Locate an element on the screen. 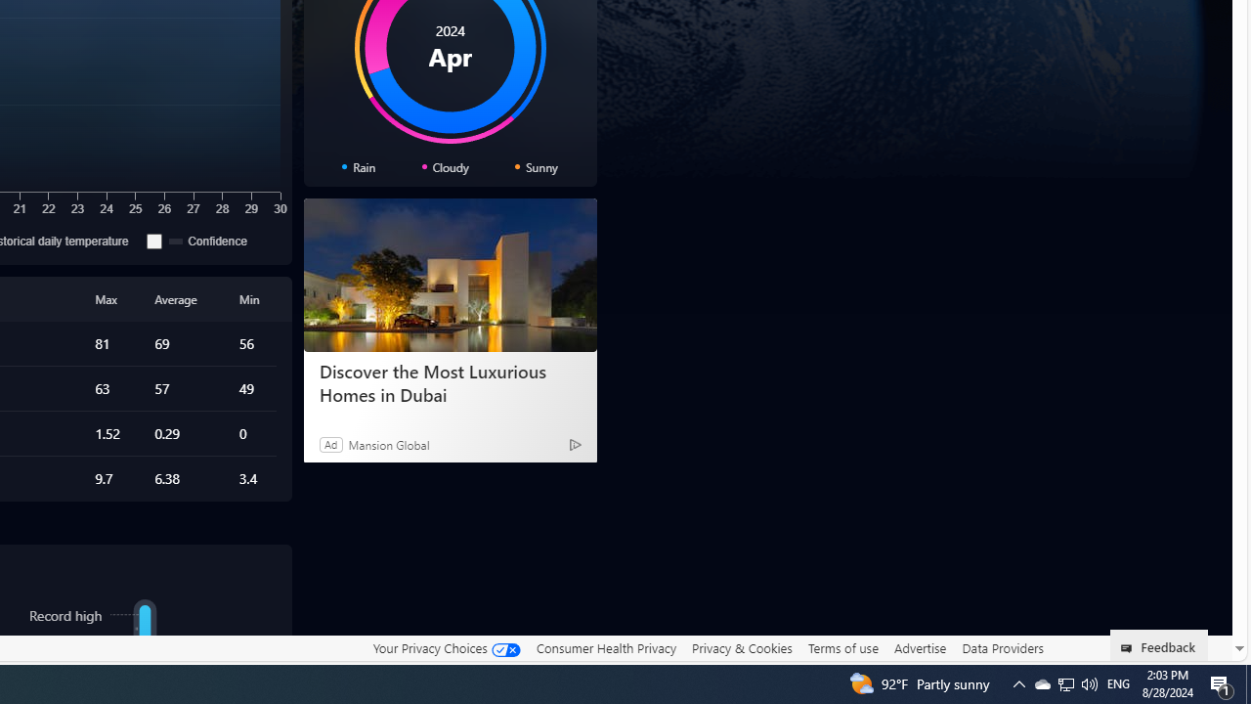  'Privacy & Cookies' is located at coordinates (741, 648).